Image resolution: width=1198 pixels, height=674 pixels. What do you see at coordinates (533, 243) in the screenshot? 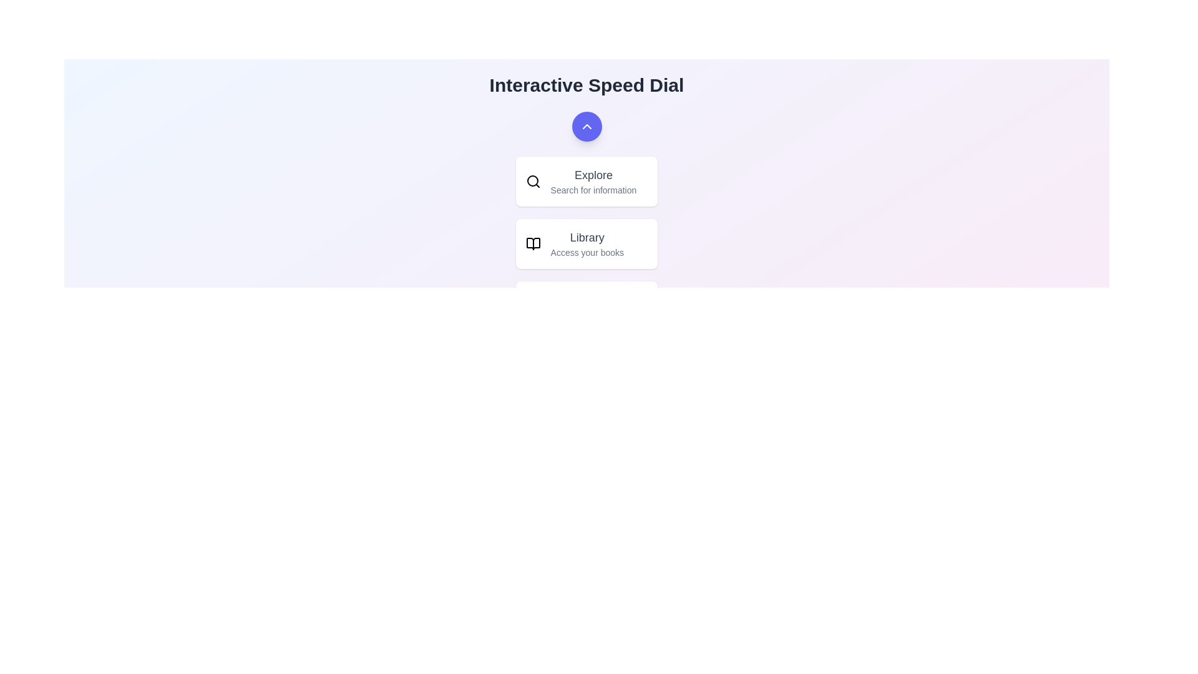
I see `the Library icon to observe its visual effect` at bounding box center [533, 243].